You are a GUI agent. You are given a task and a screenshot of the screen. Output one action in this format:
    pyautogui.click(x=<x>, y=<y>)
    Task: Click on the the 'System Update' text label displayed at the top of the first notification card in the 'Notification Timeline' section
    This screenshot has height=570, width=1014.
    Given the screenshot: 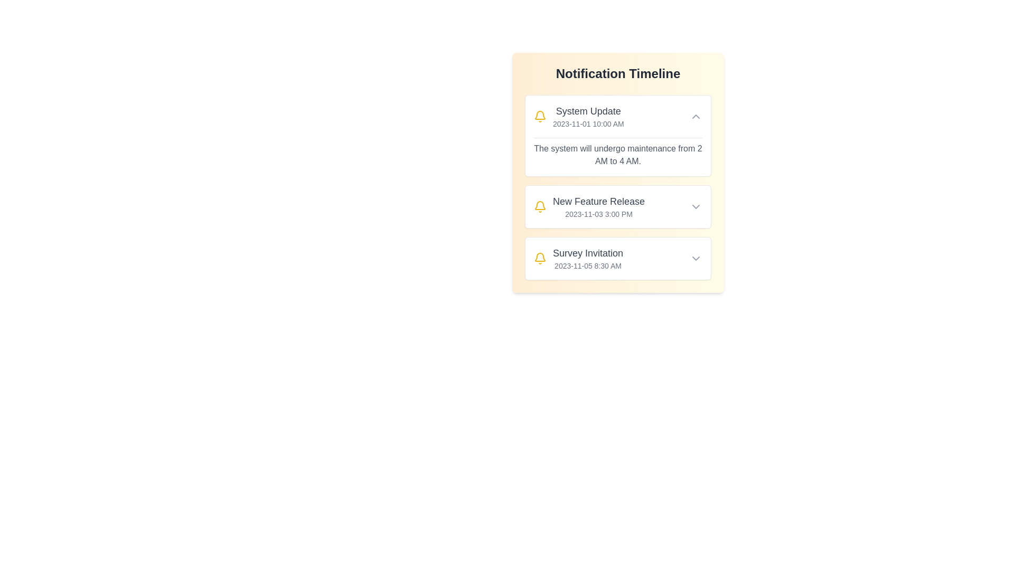 What is the action you would take?
    pyautogui.click(x=588, y=111)
    